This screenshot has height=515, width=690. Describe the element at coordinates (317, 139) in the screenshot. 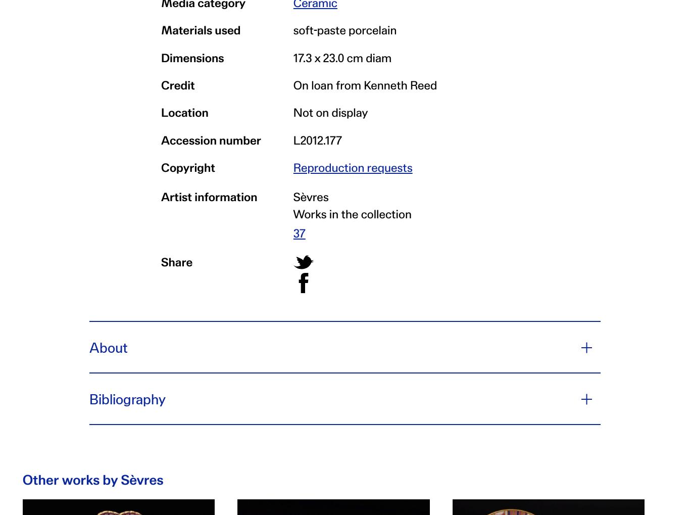

I see `'L2012.177'` at that location.